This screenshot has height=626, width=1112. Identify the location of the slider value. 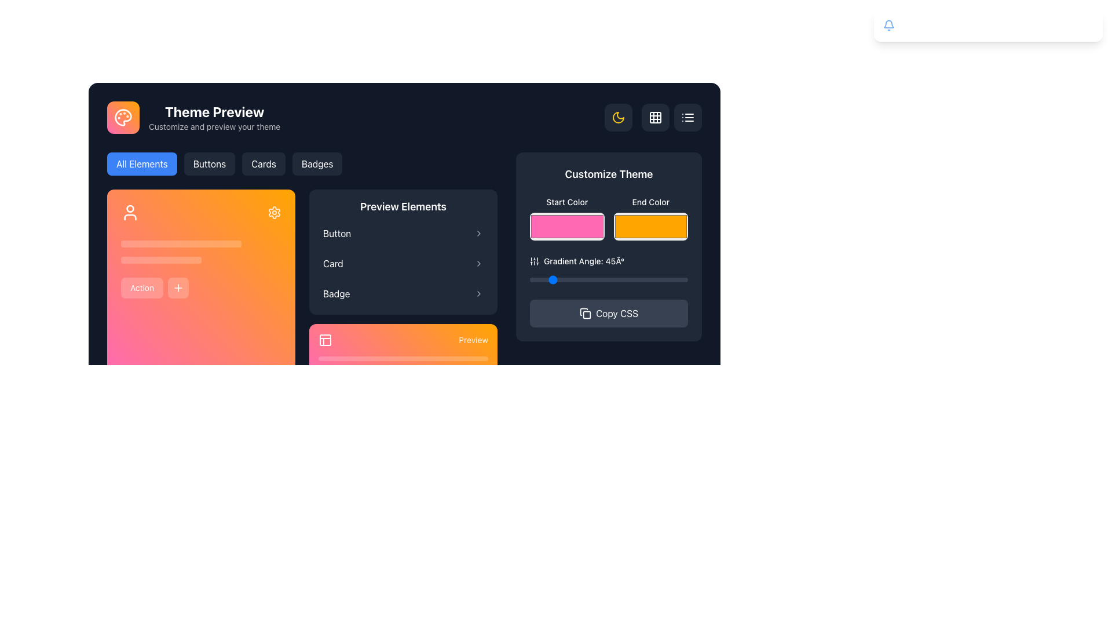
(659, 279).